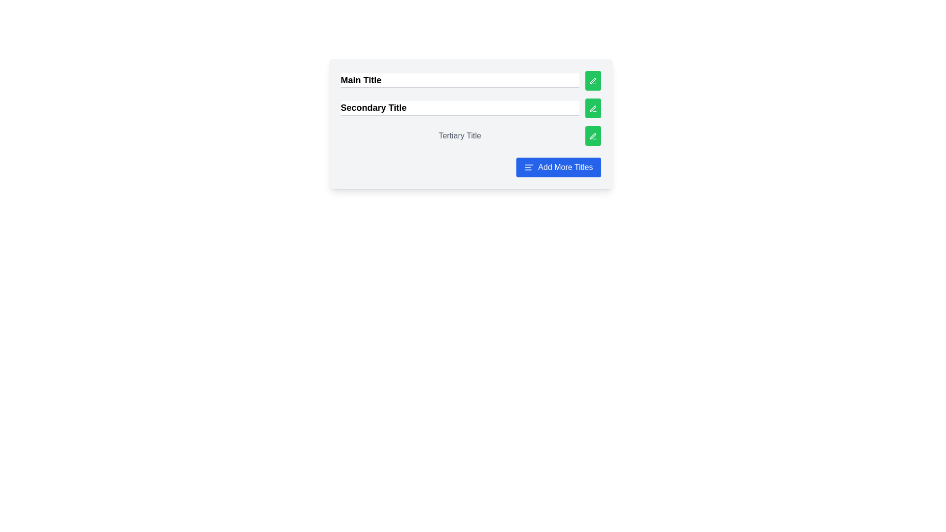  I want to click on the second green Icon button on the right side of the panel, which serves as an edit action trigger for the 'Secondary Title' text input field, so click(592, 108).